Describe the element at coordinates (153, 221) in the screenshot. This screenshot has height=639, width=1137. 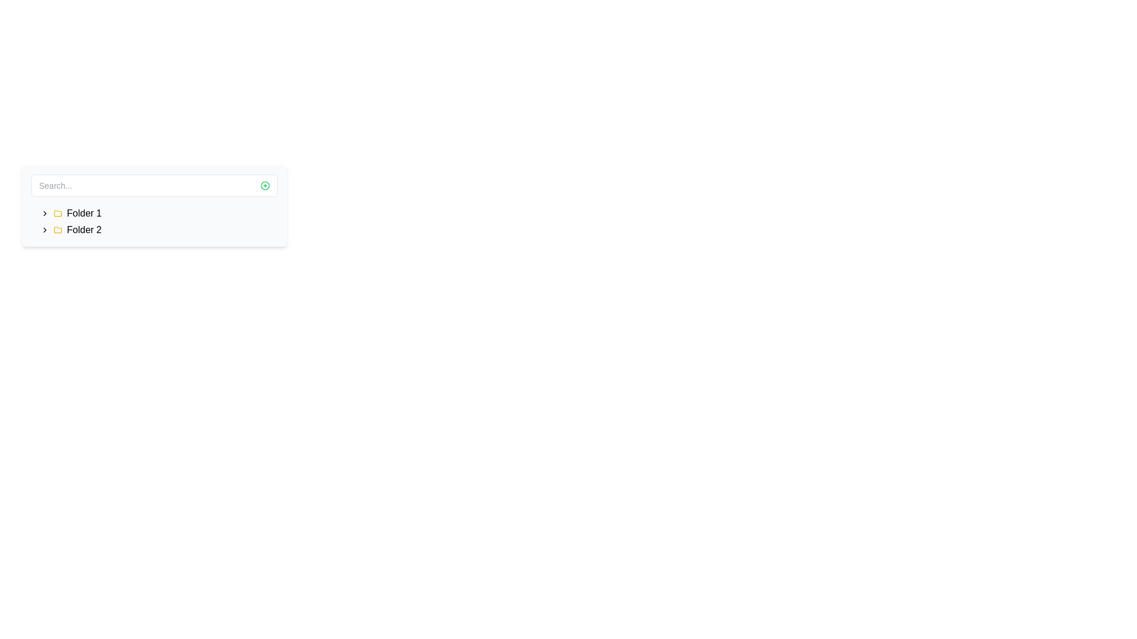
I see `the vertical list navigation component containing 'Folder 1' and 'Folder 2'` at that location.